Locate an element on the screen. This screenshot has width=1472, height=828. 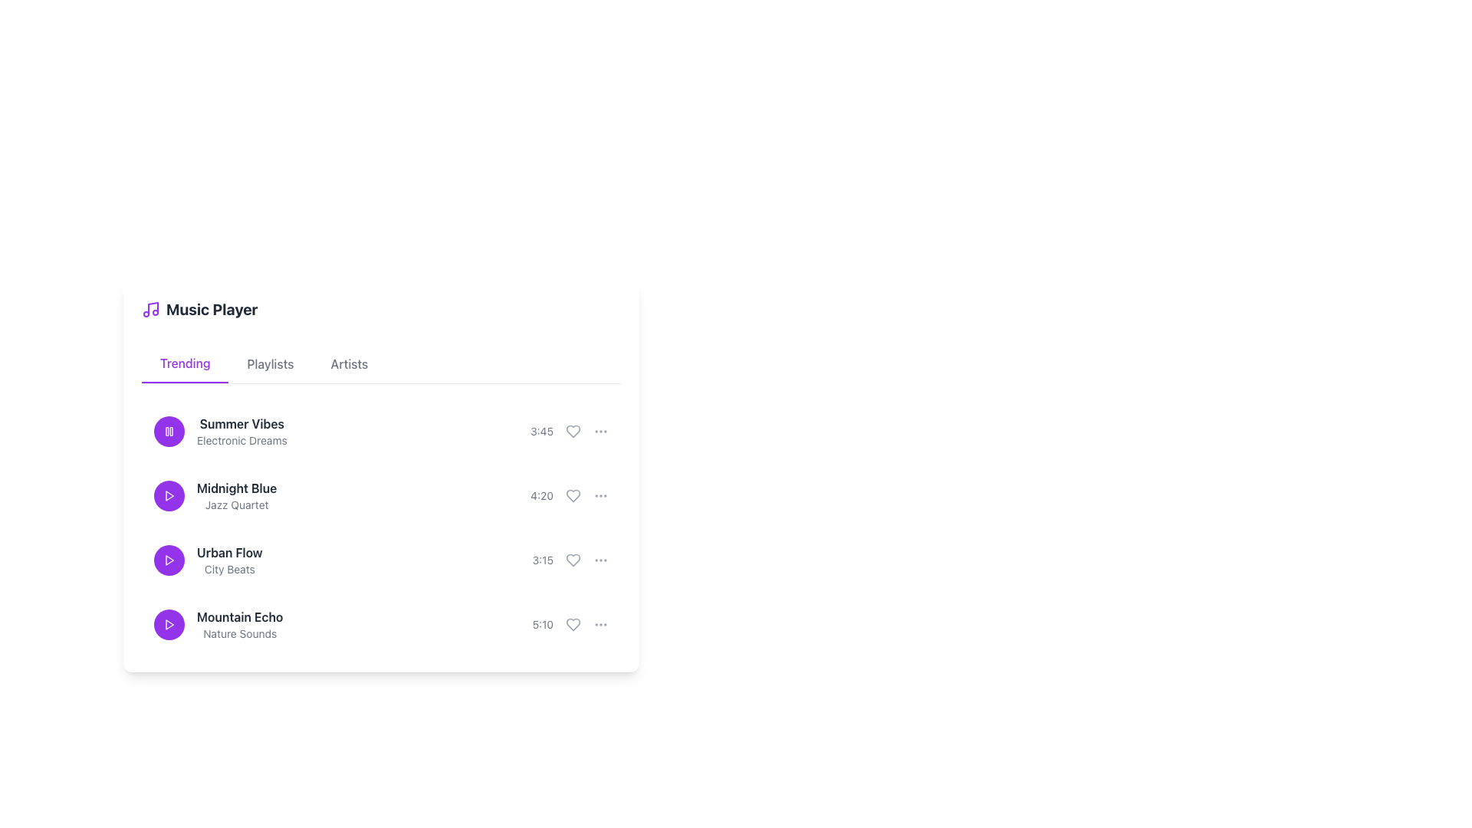
the play button located in the second item of the 'Trending' section for the song 'Midnight Blue' by 'Jazz Quartet' is located at coordinates (169, 496).